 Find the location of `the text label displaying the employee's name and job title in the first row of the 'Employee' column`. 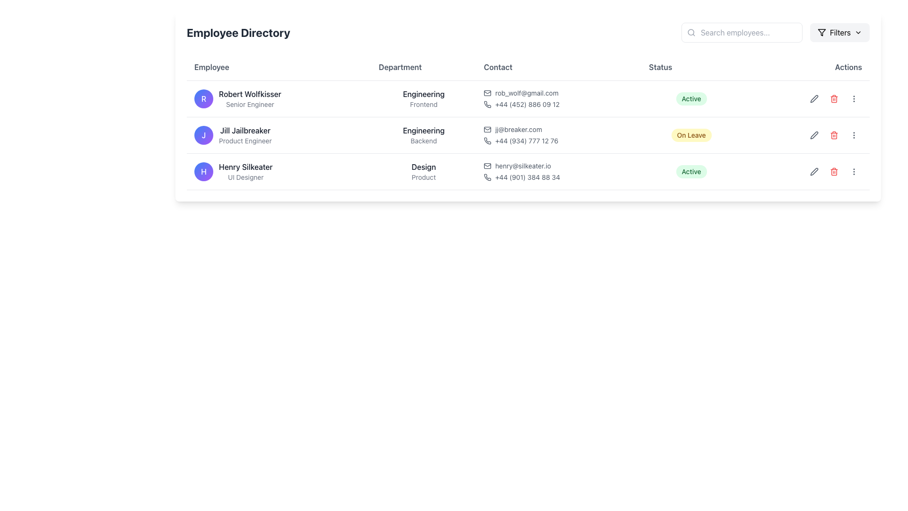

the text label displaying the employee's name and job title in the first row of the 'Employee' column is located at coordinates (250, 98).